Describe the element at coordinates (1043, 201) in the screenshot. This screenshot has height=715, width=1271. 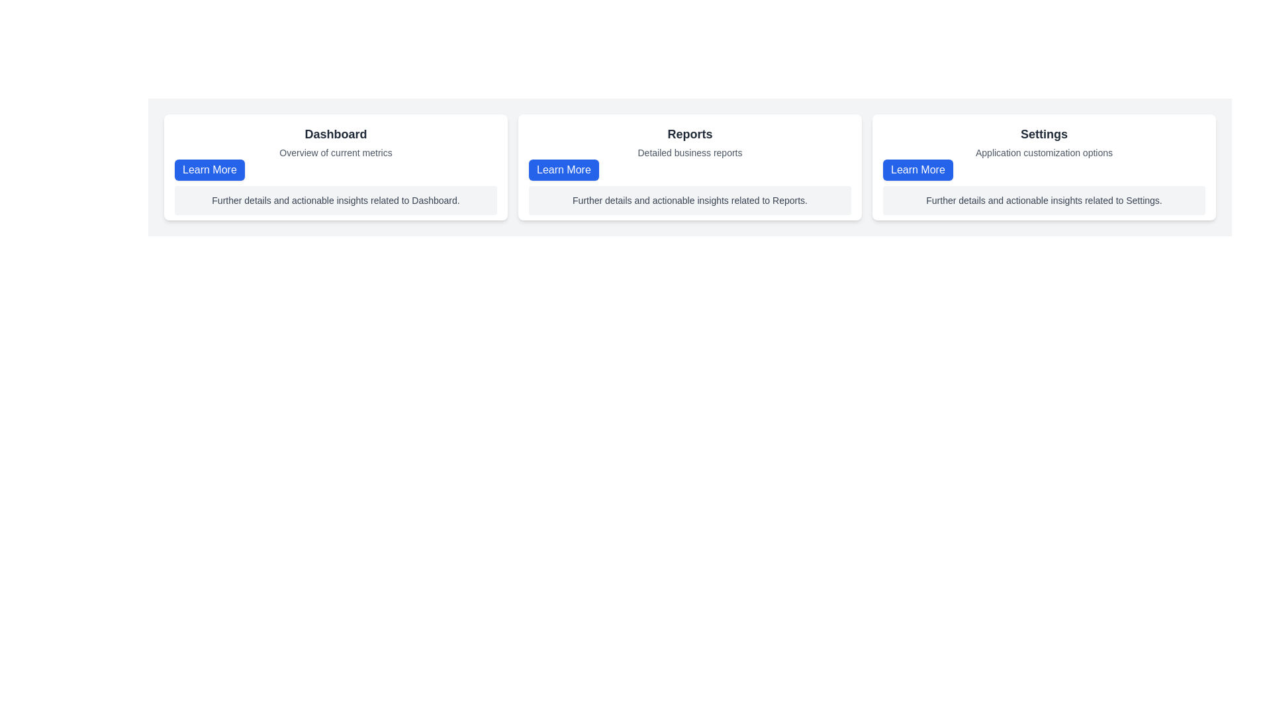
I see `the text label that reads 'Further details and actionable insights related to Settings.' located in the Settings panel, below the 'Learn More' button` at that location.